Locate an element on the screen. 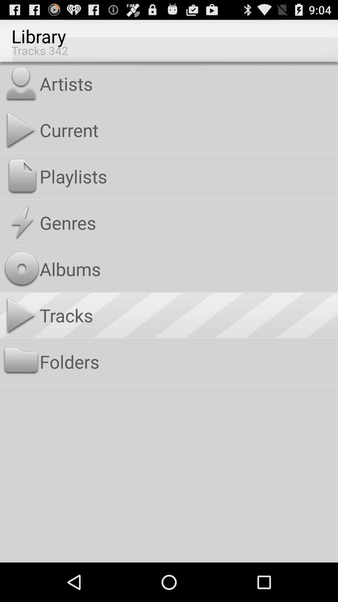 The image size is (338, 602). current item is located at coordinates (187, 129).